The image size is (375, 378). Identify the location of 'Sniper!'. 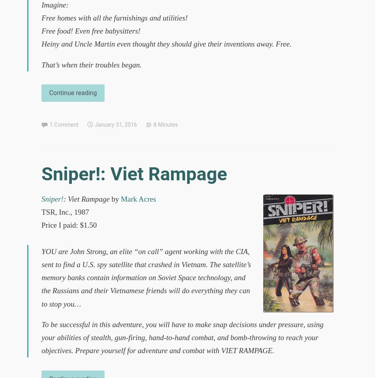
(52, 198).